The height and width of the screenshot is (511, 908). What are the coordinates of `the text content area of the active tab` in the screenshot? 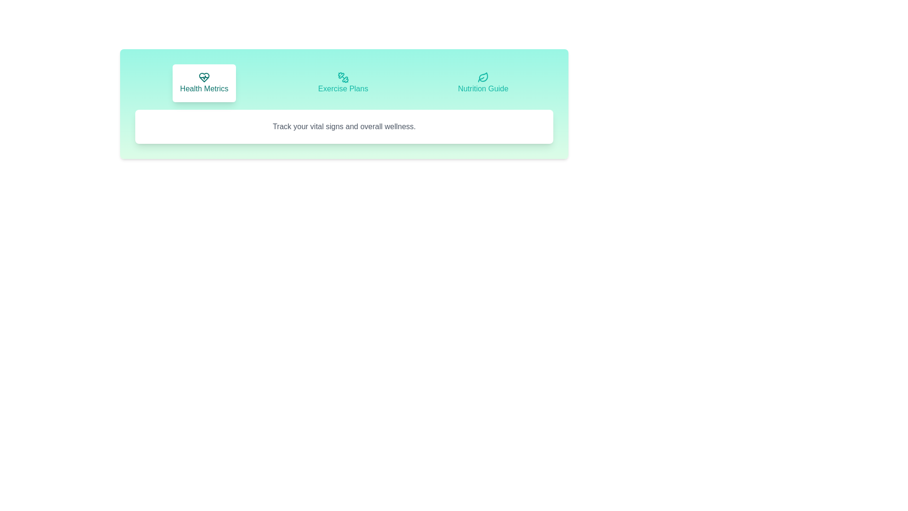 It's located at (344, 126).